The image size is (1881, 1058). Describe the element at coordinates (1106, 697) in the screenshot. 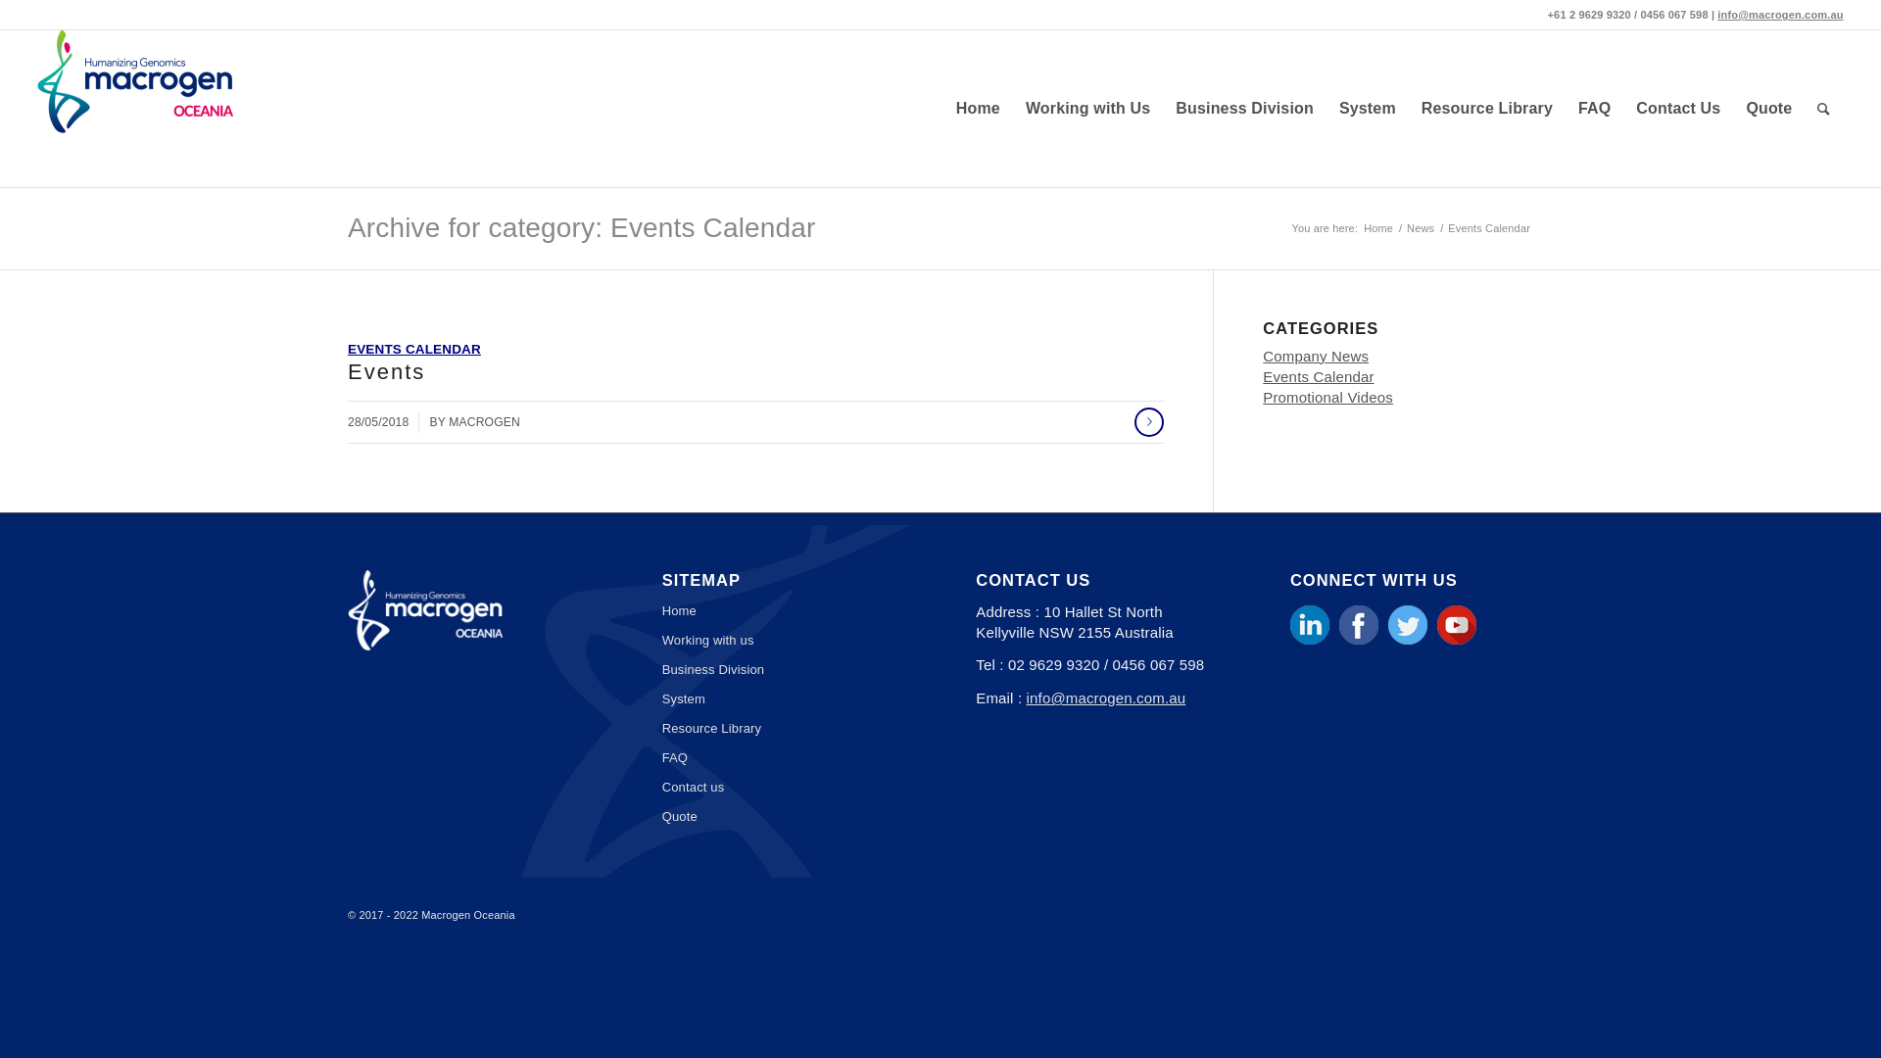

I see `'info@macrogen.com.au'` at that location.